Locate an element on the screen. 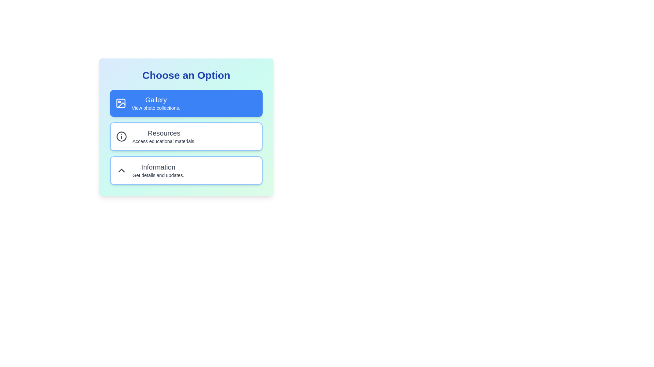 This screenshot has width=654, height=367. text content of the Informative card labeled 'Information', which is the third card in a vertical stack below the 'Gallery' and 'Resources' cards is located at coordinates (158, 170).